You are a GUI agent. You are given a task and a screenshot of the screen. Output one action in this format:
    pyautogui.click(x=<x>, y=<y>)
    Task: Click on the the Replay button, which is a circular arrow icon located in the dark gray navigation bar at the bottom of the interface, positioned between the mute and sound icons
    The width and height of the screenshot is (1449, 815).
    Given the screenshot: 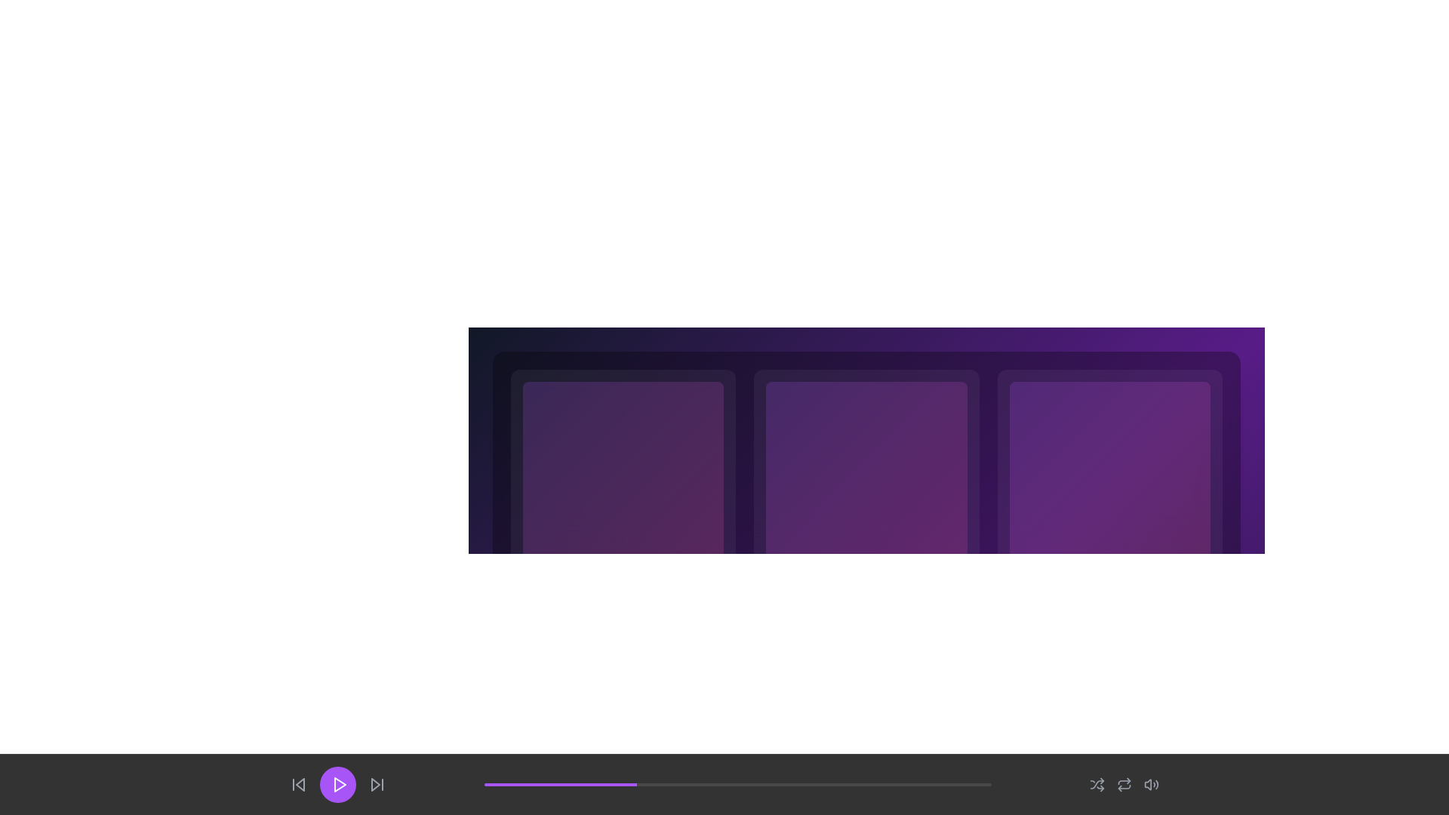 What is the action you would take?
    pyautogui.click(x=1124, y=784)
    